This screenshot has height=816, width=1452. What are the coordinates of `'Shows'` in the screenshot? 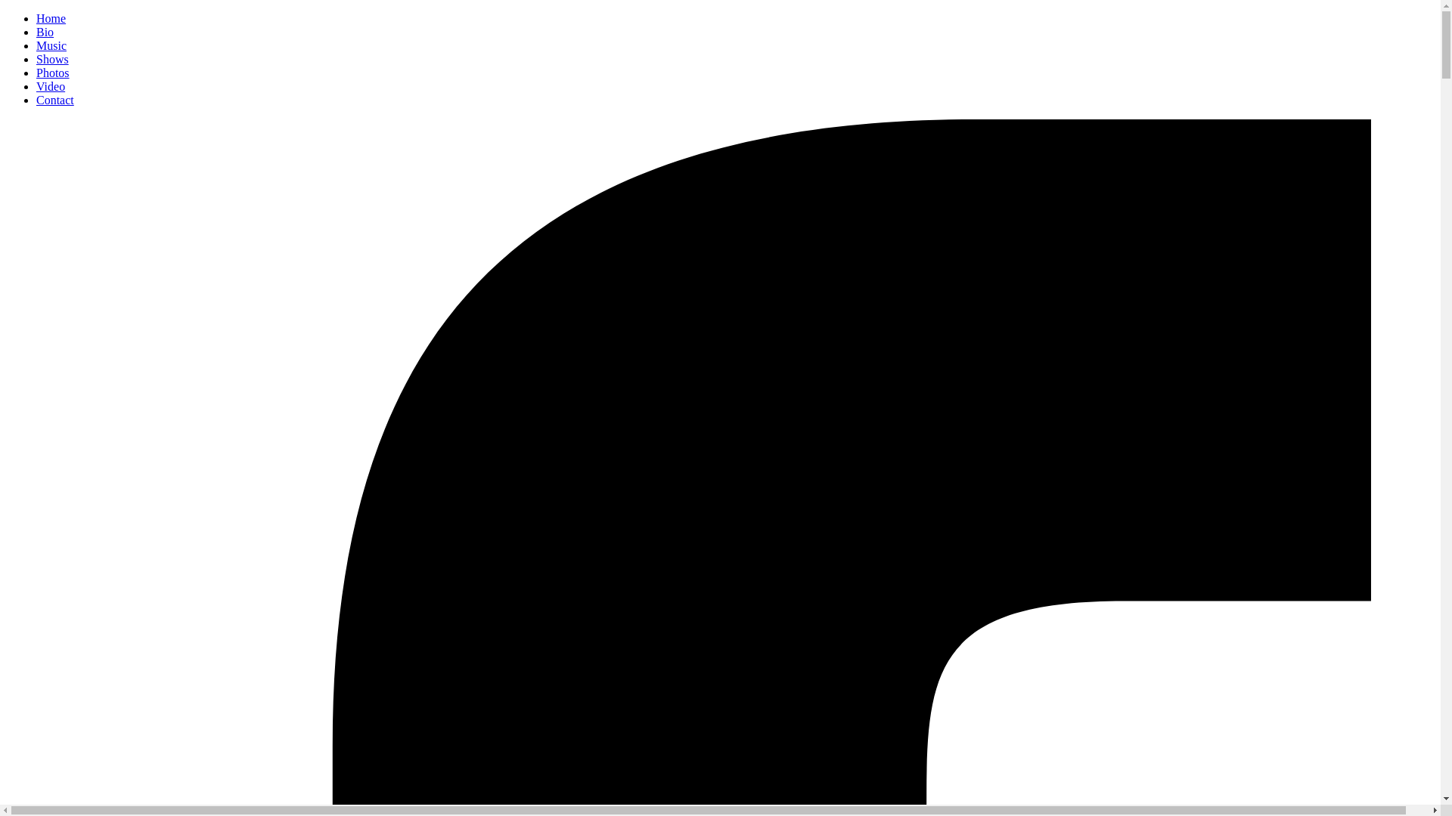 It's located at (52, 58).